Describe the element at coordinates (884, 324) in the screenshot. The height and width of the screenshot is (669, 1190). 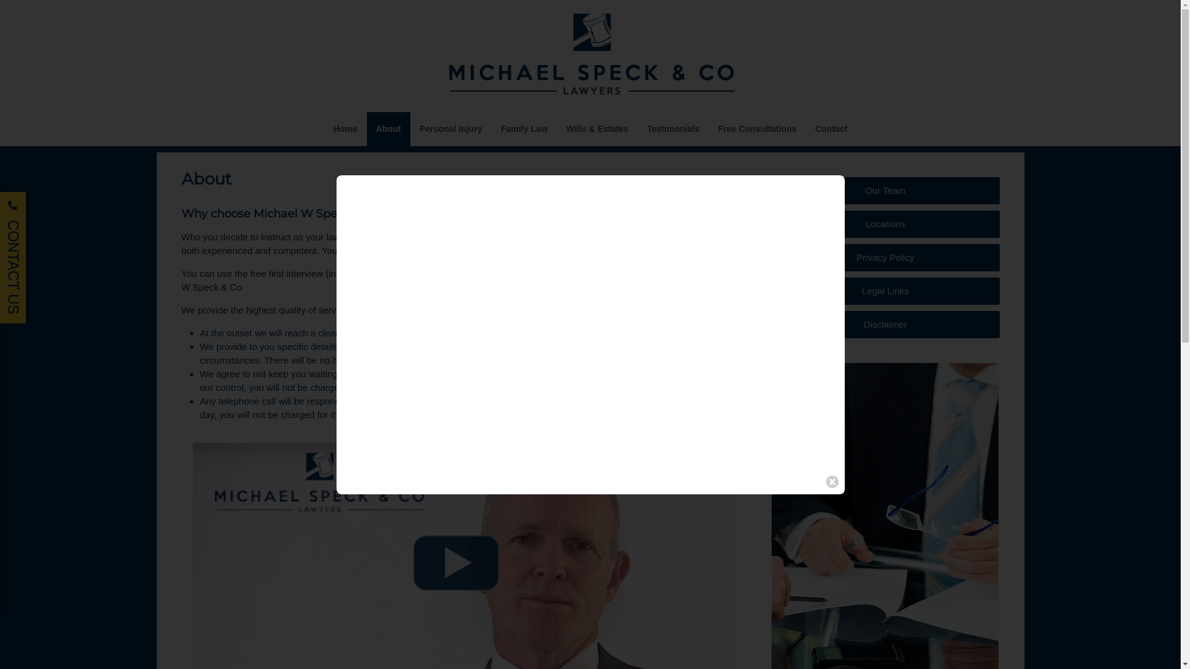
I see `'Disclaimer'` at that location.